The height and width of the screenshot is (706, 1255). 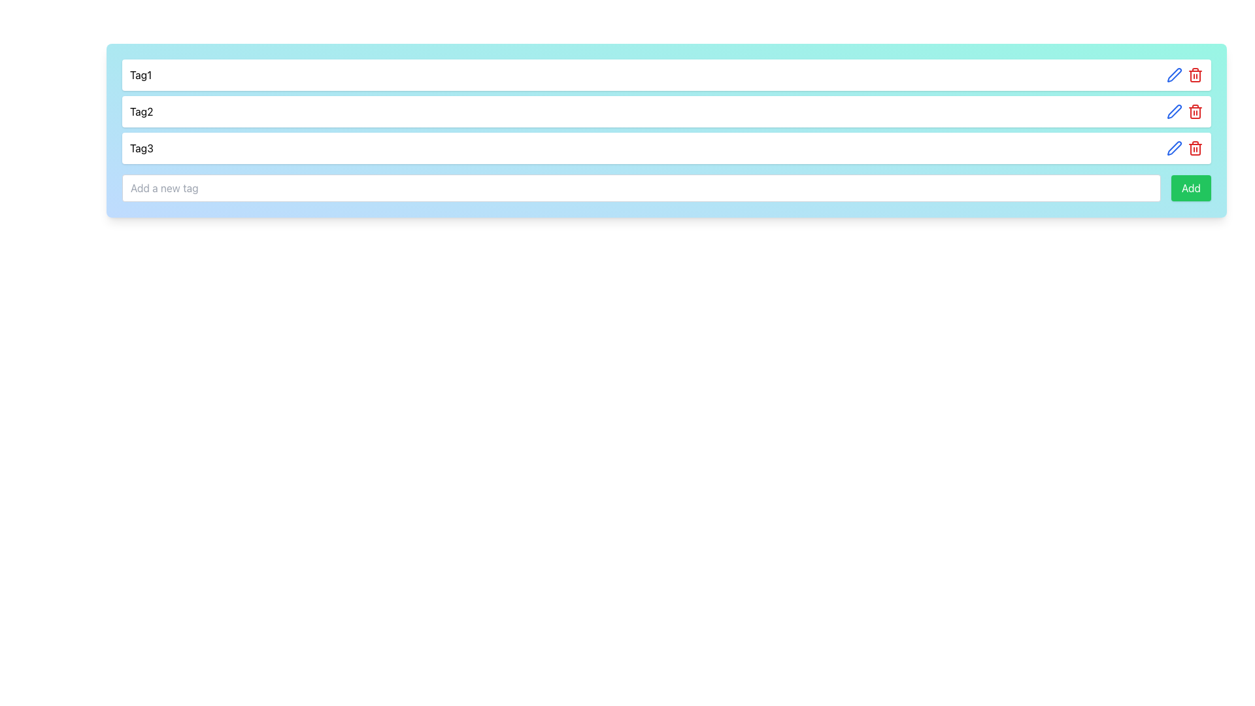 What do you see at coordinates (1185, 148) in the screenshot?
I see `the red trash bin icon located in the far-right section of the row containing the label 'Tag3'` at bounding box center [1185, 148].